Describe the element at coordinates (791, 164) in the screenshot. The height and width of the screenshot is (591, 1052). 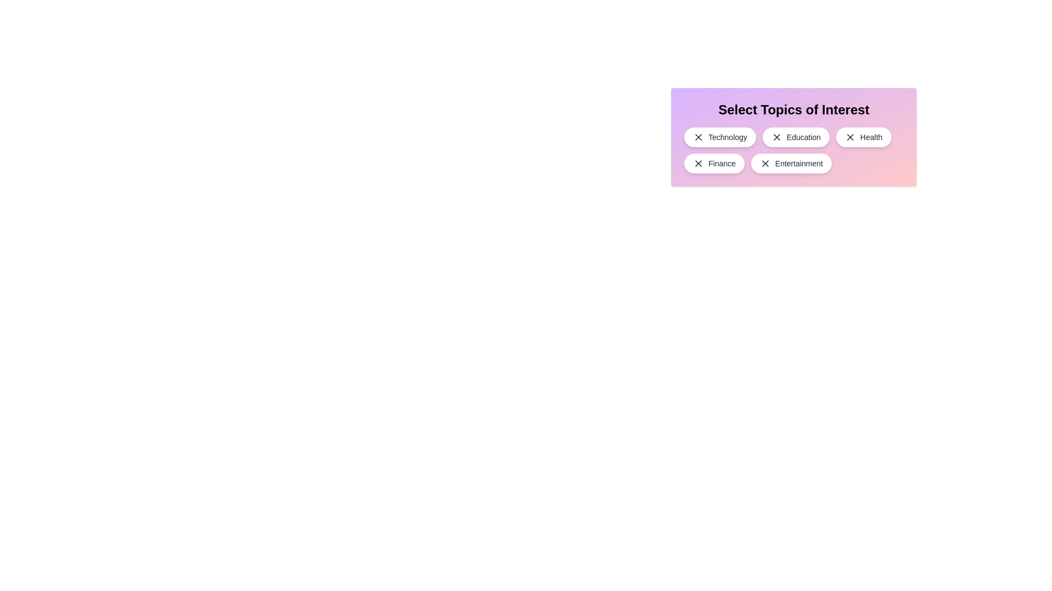
I see `the topic Entertainment by clicking on it` at that location.